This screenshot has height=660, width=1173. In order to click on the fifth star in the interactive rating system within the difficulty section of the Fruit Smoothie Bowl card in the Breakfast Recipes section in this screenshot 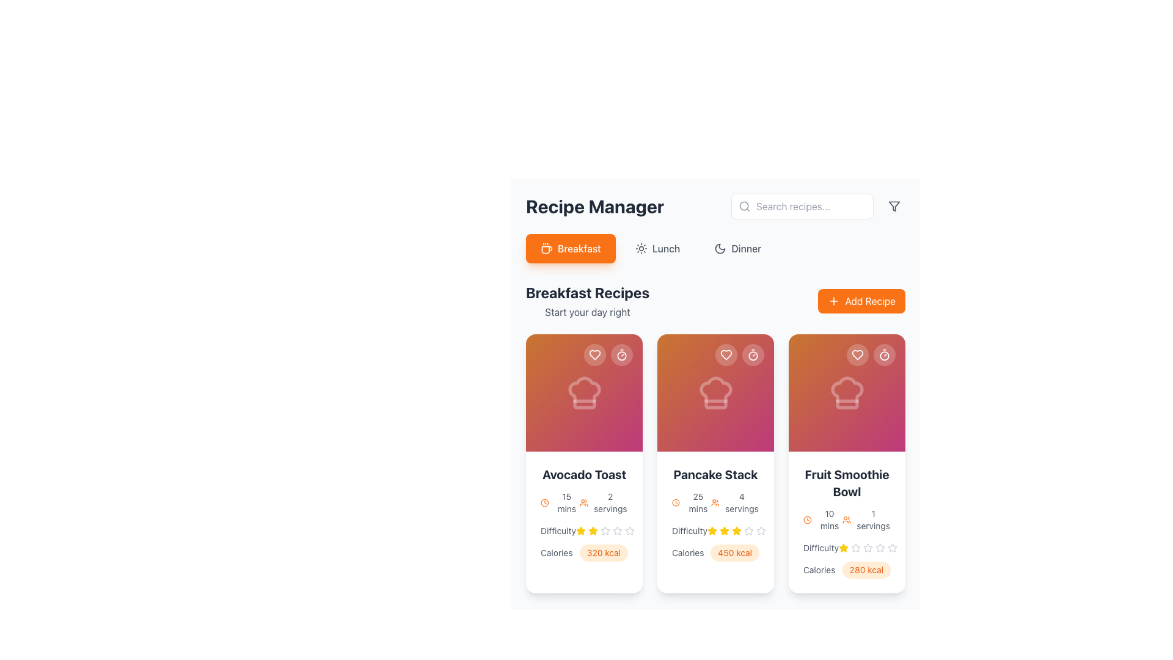, I will do `click(892, 548)`.